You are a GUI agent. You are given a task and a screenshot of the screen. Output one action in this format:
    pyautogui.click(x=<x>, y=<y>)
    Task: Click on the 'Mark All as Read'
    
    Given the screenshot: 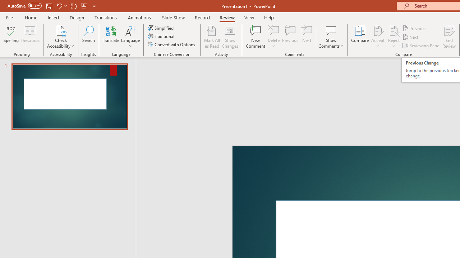 What is the action you would take?
    pyautogui.click(x=212, y=37)
    